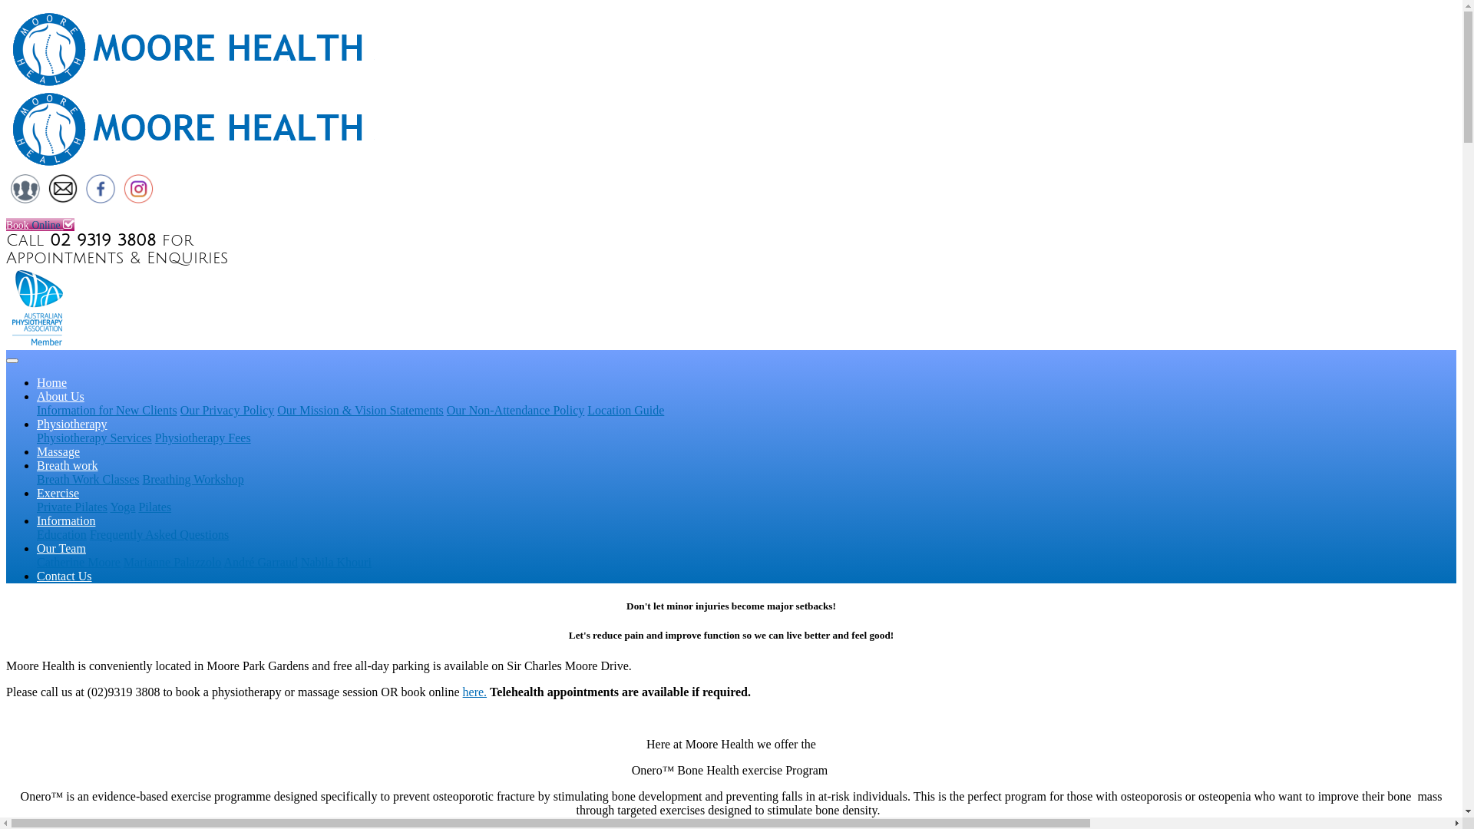 The width and height of the screenshot is (1474, 829). What do you see at coordinates (516, 409) in the screenshot?
I see `'Our Non-Attendance Policy'` at bounding box center [516, 409].